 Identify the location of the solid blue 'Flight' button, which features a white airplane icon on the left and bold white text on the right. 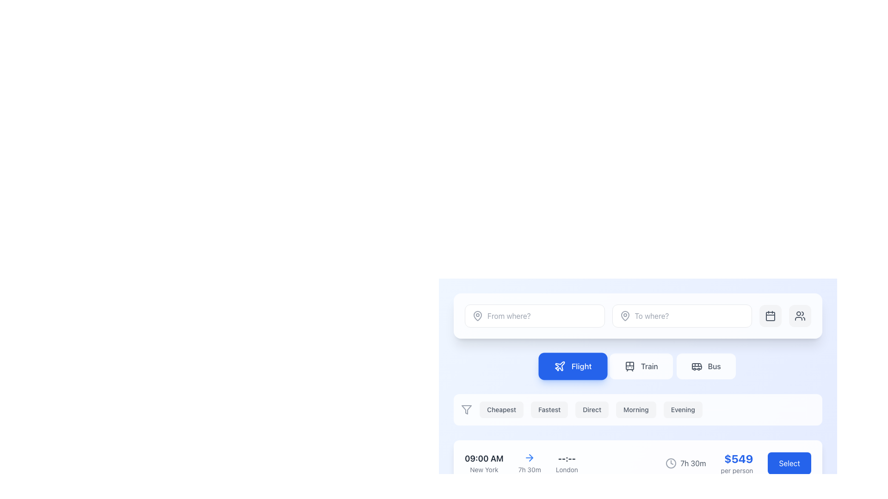
(572, 366).